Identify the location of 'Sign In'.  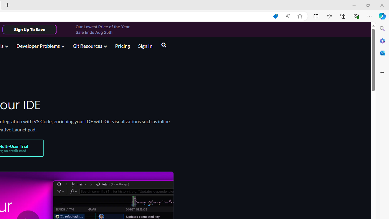
(145, 45).